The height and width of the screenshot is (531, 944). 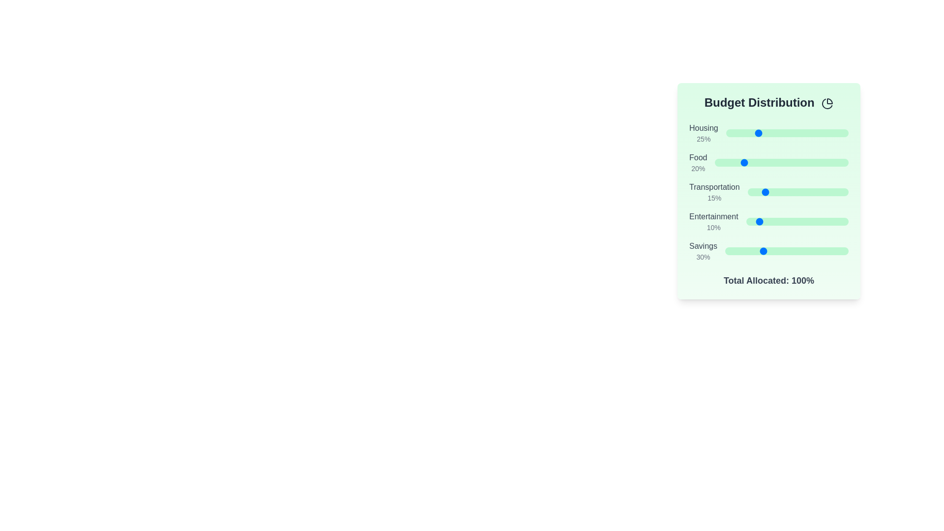 I want to click on the 'Savings' slider to set its value to 91%, so click(x=837, y=250).